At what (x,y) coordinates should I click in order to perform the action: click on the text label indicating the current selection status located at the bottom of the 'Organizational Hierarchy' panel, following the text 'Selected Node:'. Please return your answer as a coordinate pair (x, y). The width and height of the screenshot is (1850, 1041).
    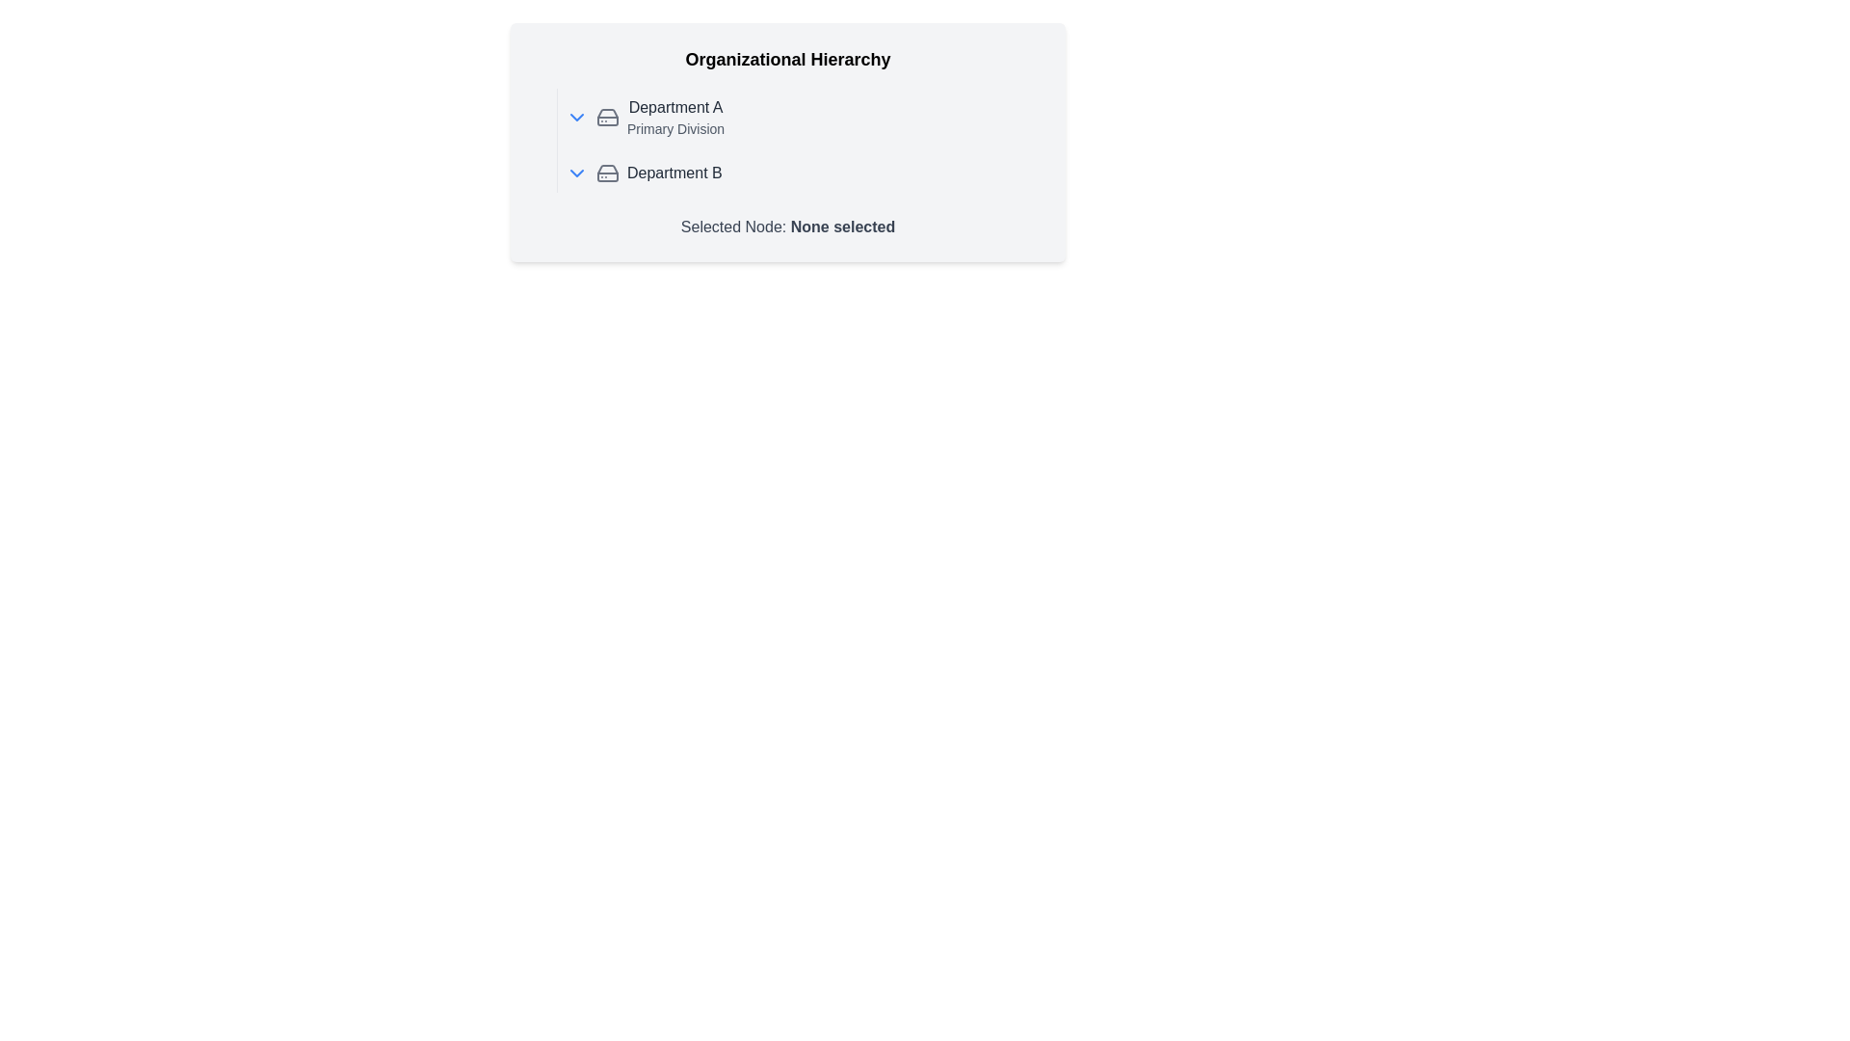
    Looking at the image, I should click on (842, 226).